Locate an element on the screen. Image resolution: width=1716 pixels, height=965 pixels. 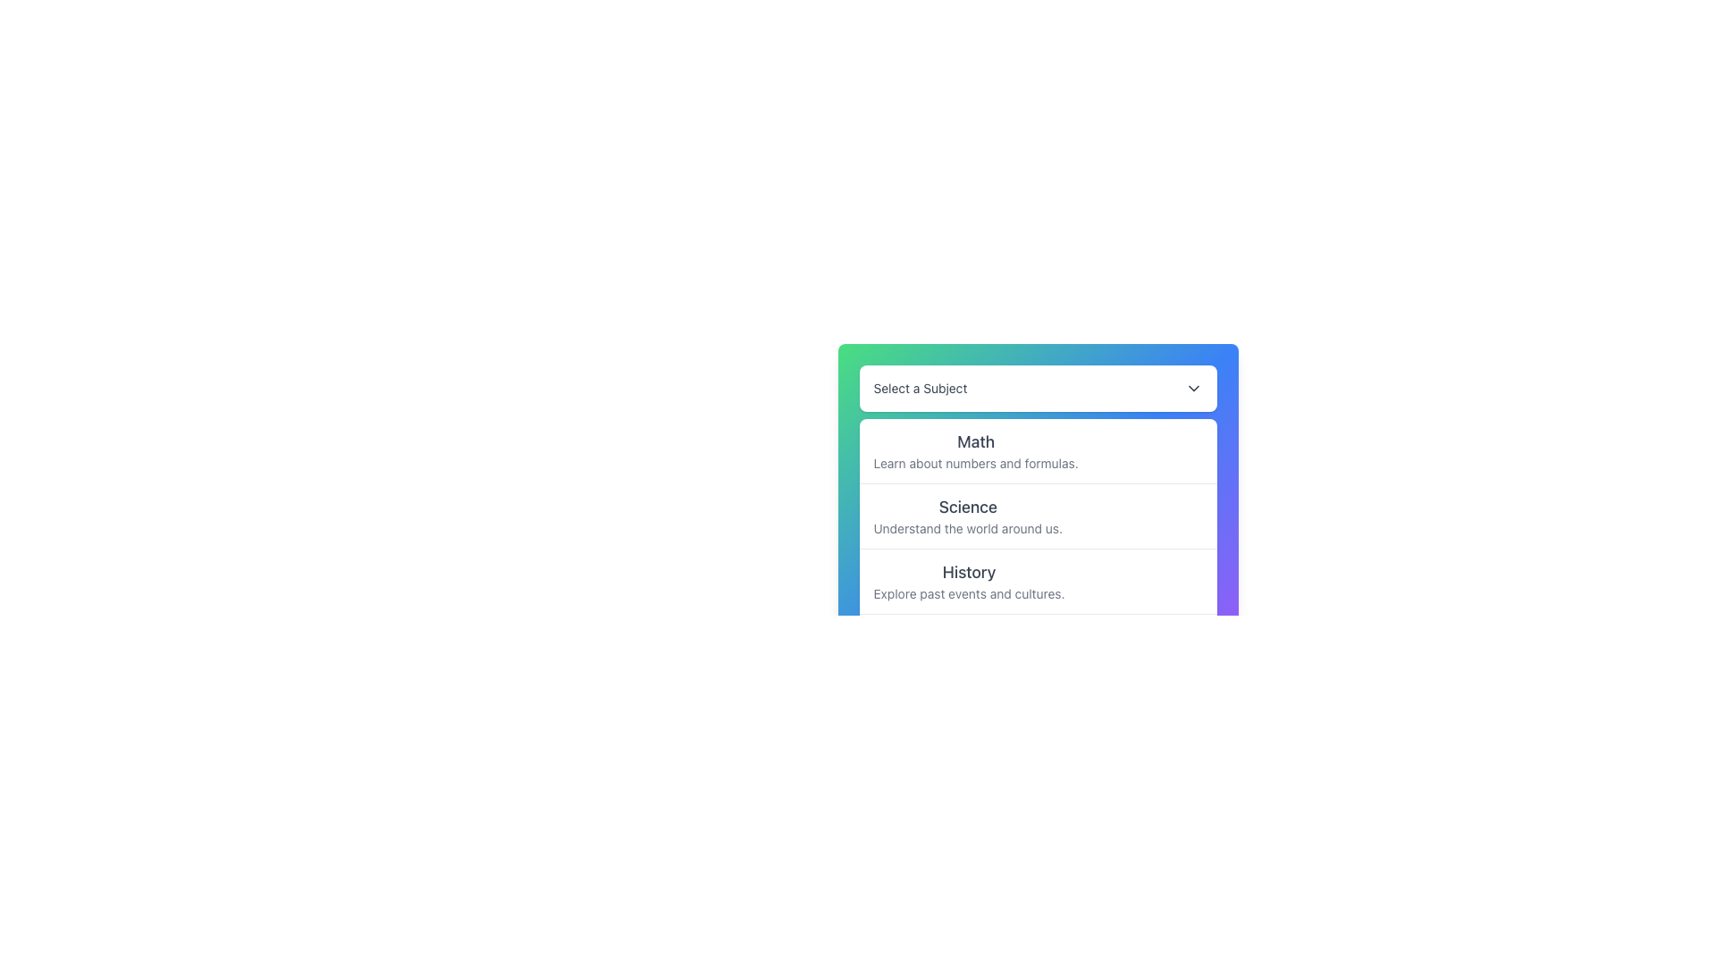
the first item in the dropdown menu labeled 'Math' is located at coordinates (1038, 450).